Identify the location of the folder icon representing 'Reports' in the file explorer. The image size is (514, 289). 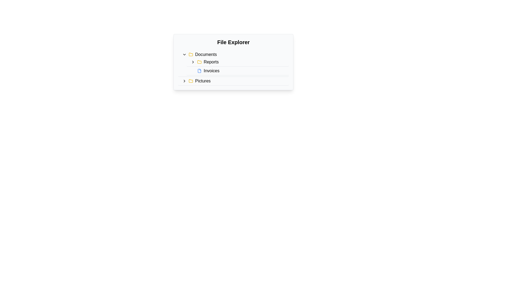
(199, 62).